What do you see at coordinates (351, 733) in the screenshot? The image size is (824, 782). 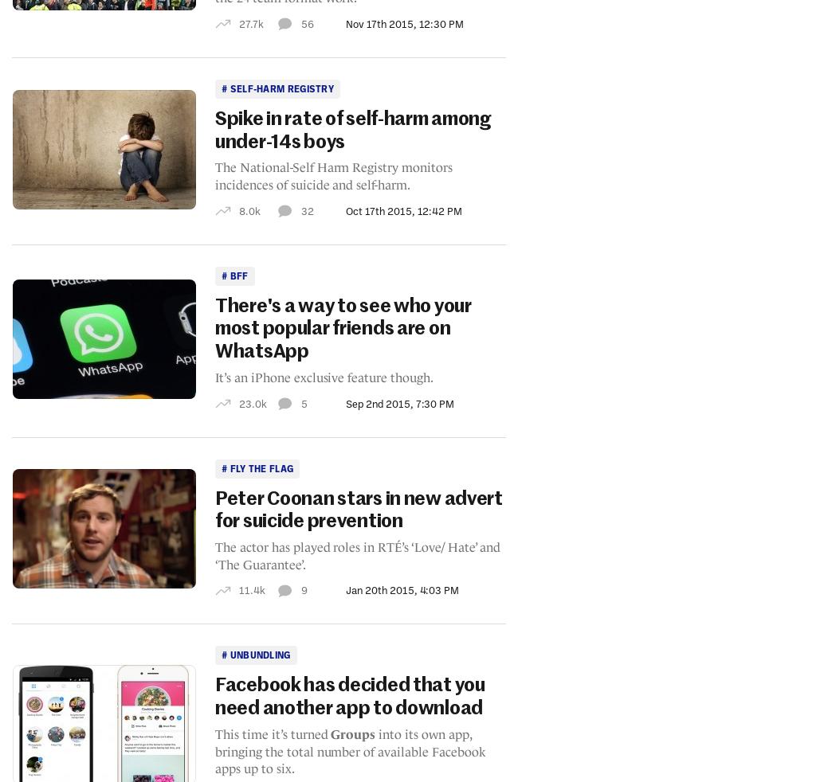 I see `'Groups'` at bounding box center [351, 733].